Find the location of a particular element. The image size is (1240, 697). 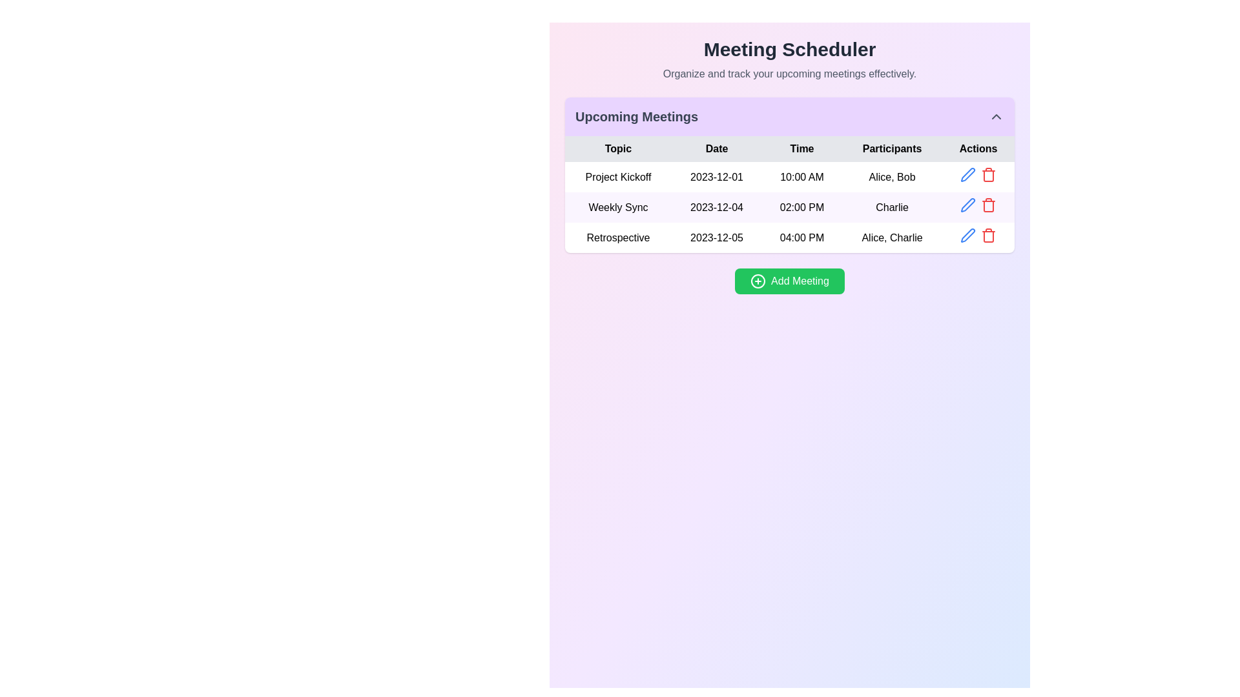

the delete button located in the 'Actions' column of the last row in the 'Upcoming Meetings' table is located at coordinates (988, 236).